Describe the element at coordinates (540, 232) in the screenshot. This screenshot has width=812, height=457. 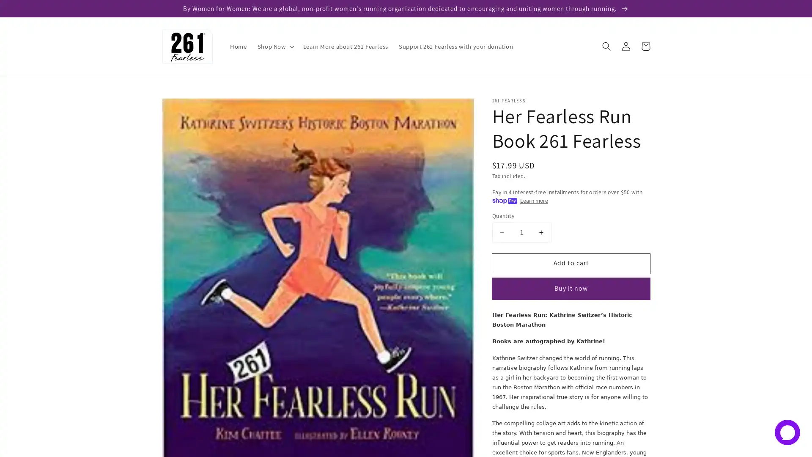
I see `Increase quantity for Her Fearless Run Book 261 Fearless` at that location.